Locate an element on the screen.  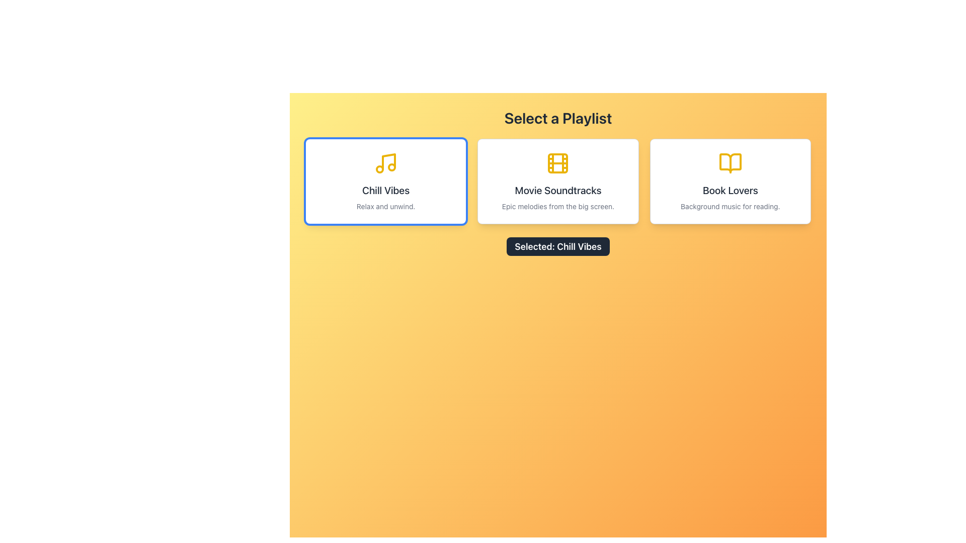
the informational Text Label located beneath the 'Chill Vibes' section, which provides a subtitle for that section is located at coordinates (385, 206).